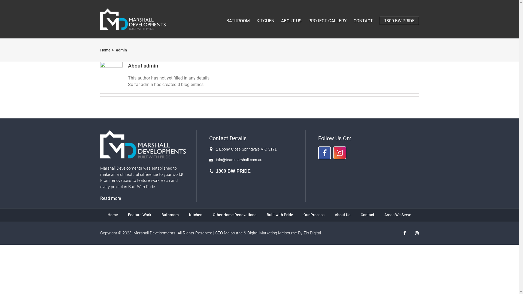 The image size is (523, 294). What do you see at coordinates (363, 17) in the screenshot?
I see `'CONTACT'` at bounding box center [363, 17].